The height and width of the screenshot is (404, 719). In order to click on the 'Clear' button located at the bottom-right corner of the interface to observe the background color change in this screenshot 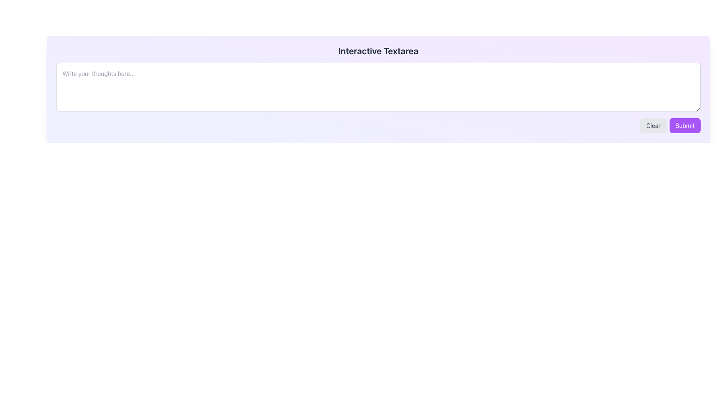, I will do `click(653, 125)`.